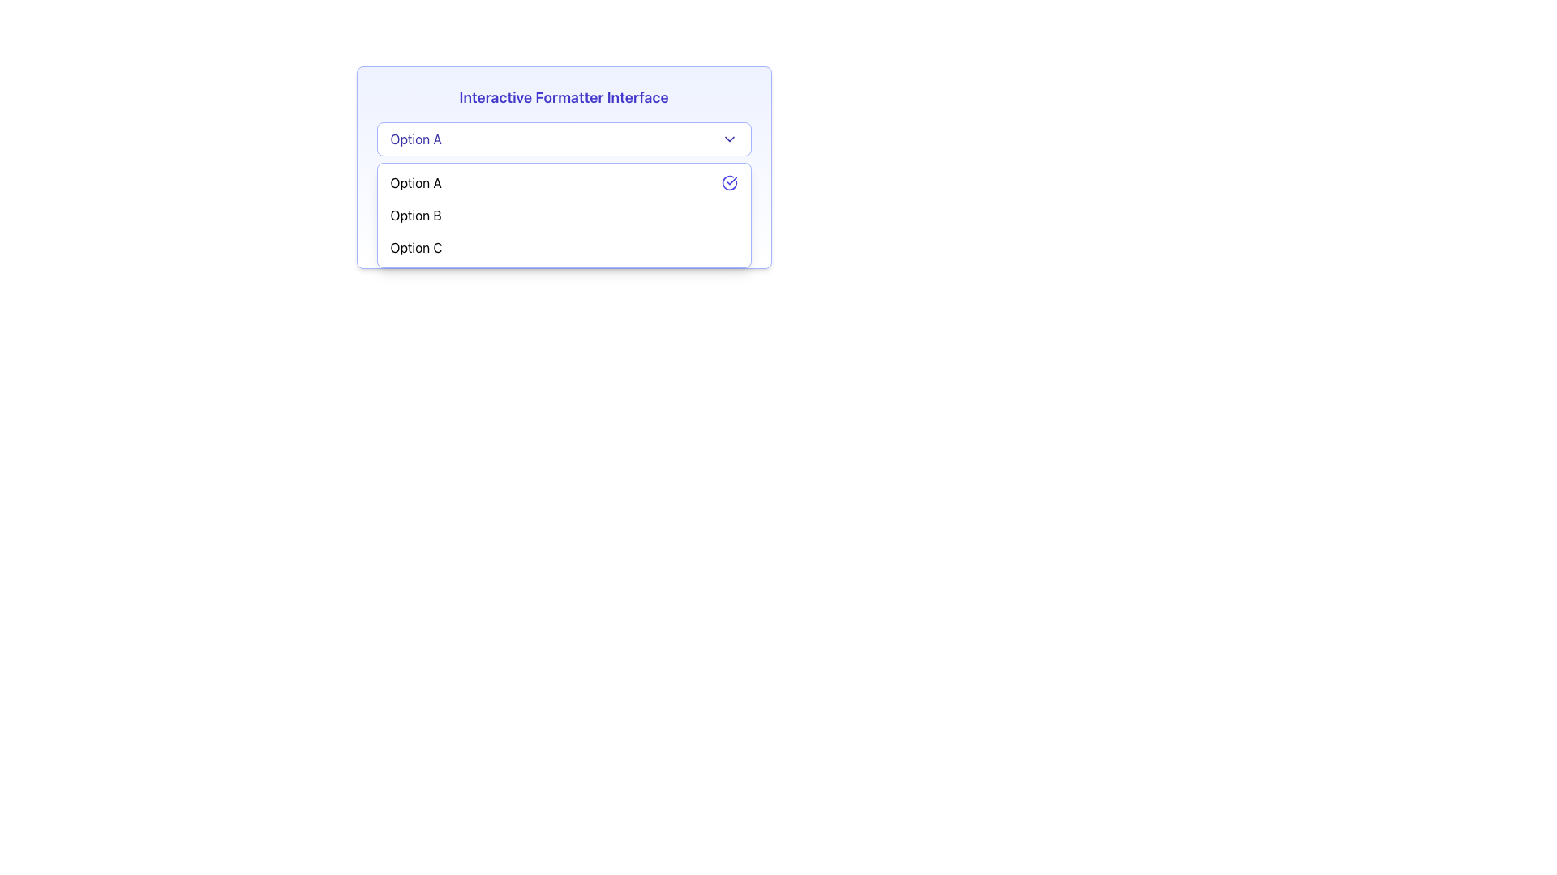  What do you see at coordinates (416, 247) in the screenshot?
I see `the third option in the dropdown menu` at bounding box center [416, 247].